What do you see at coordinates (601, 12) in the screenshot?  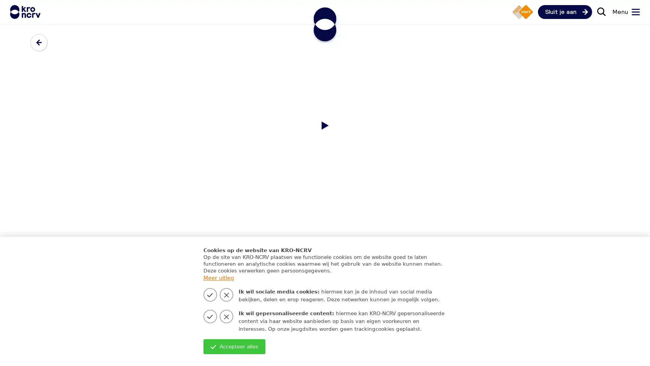 I see `Zoek door de site` at bounding box center [601, 12].